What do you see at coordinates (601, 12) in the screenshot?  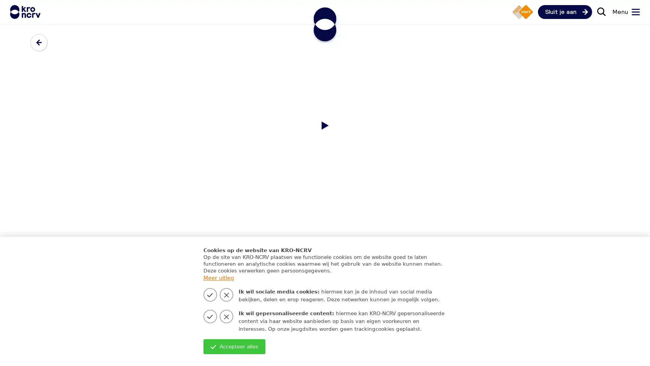 I see `Zoek door de site` at bounding box center [601, 12].